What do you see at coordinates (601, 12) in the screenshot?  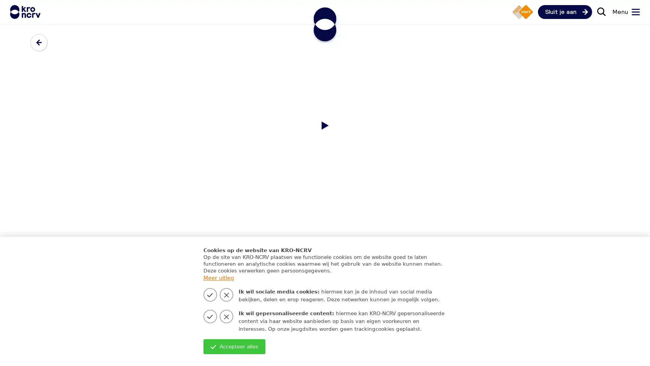 I see `Zoek door de site` at bounding box center [601, 12].